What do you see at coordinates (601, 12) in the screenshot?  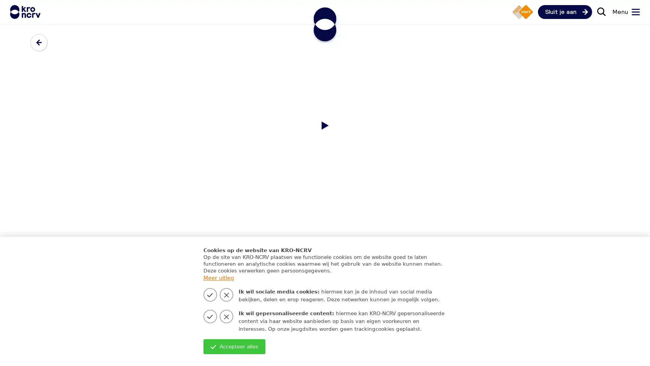 I see `Zoek door de site` at bounding box center [601, 12].